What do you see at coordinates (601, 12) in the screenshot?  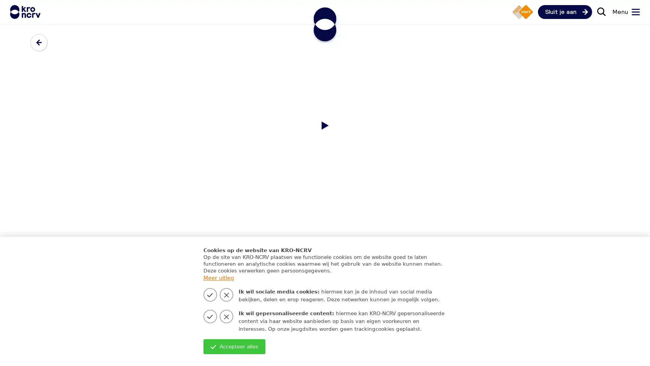 I see `Zoek door de site` at bounding box center [601, 12].